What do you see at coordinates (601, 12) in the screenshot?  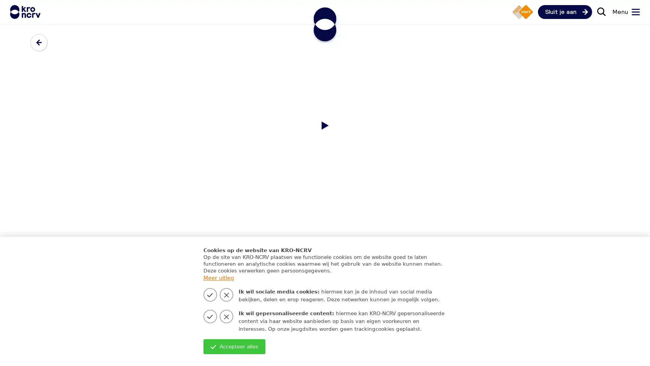 I see `Zoek door de site` at bounding box center [601, 12].